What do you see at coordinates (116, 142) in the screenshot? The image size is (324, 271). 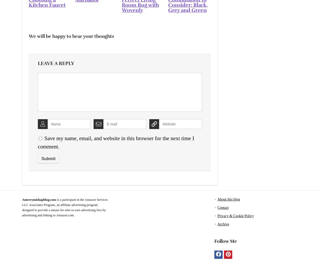 I see `'Save my name, email, and website in this browser for the next time I comment.'` at bounding box center [116, 142].